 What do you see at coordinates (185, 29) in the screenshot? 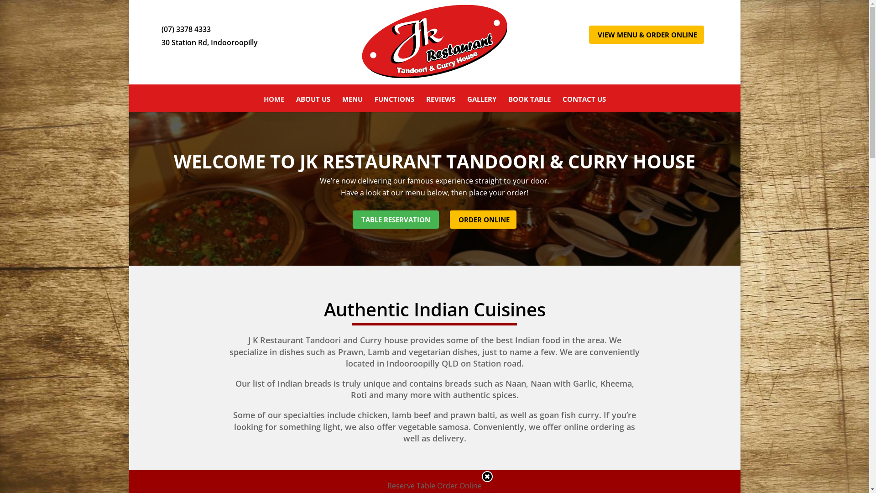
I see `'(07) 3378 4333'` at bounding box center [185, 29].